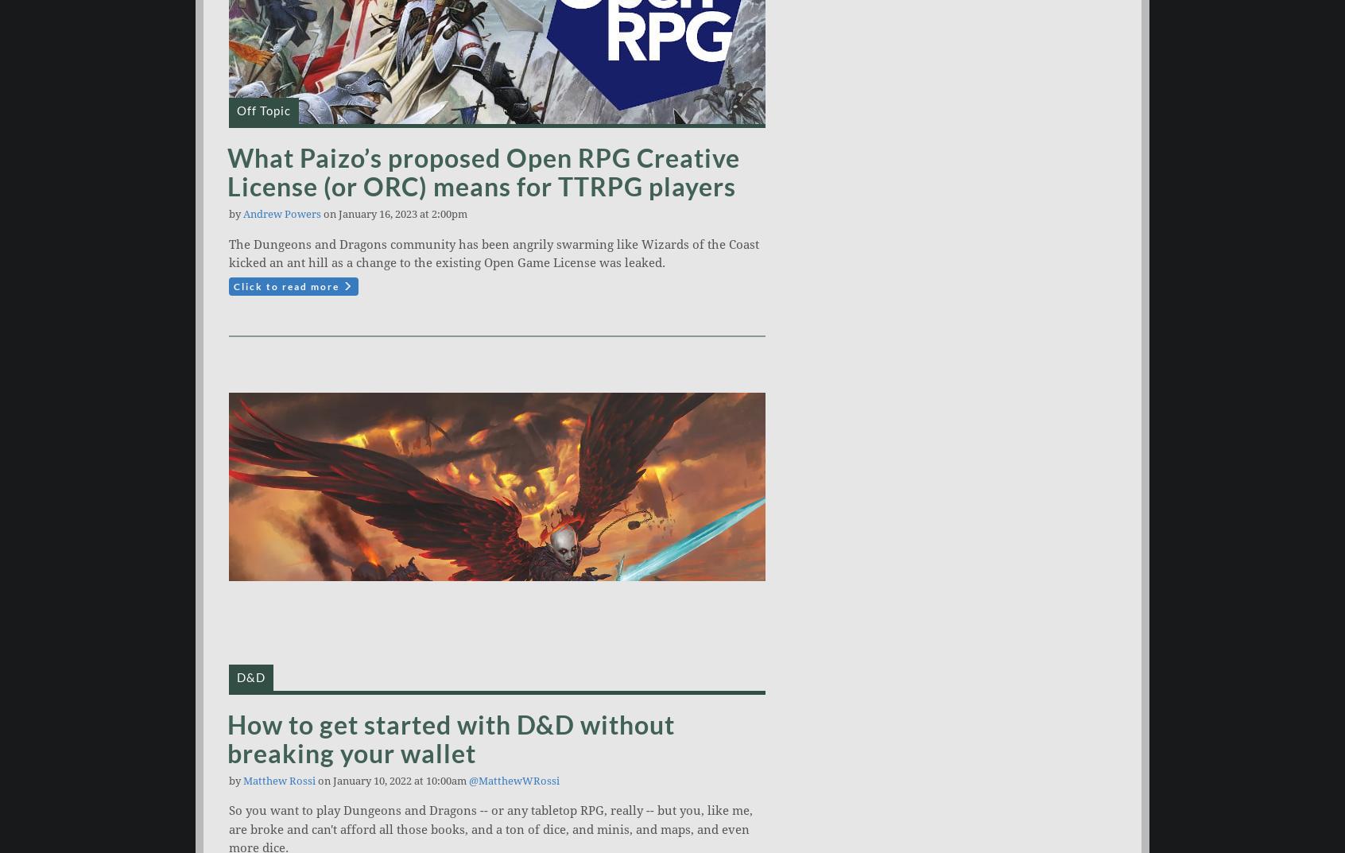 The image size is (1345, 853). What do you see at coordinates (288, 285) in the screenshot?
I see `'Click to read more'` at bounding box center [288, 285].